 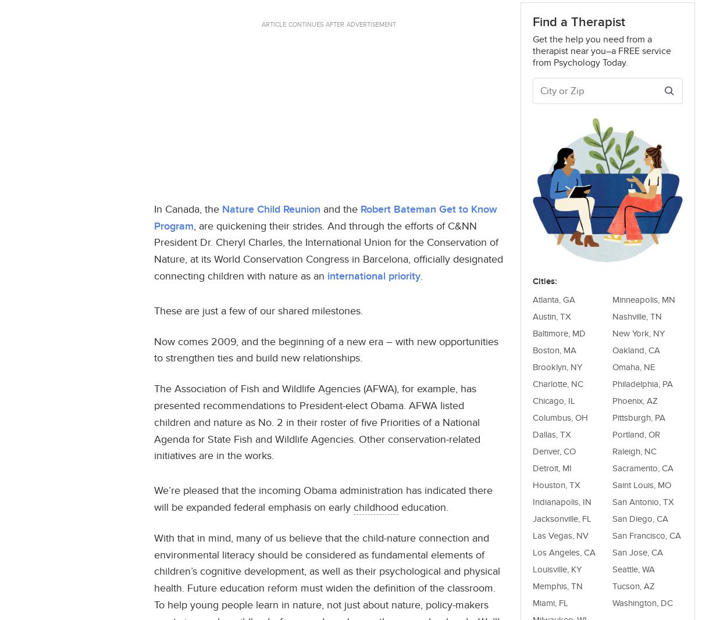 What do you see at coordinates (633, 568) in the screenshot?
I see `'Seattle, WA'` at bounding box center [633, 568].